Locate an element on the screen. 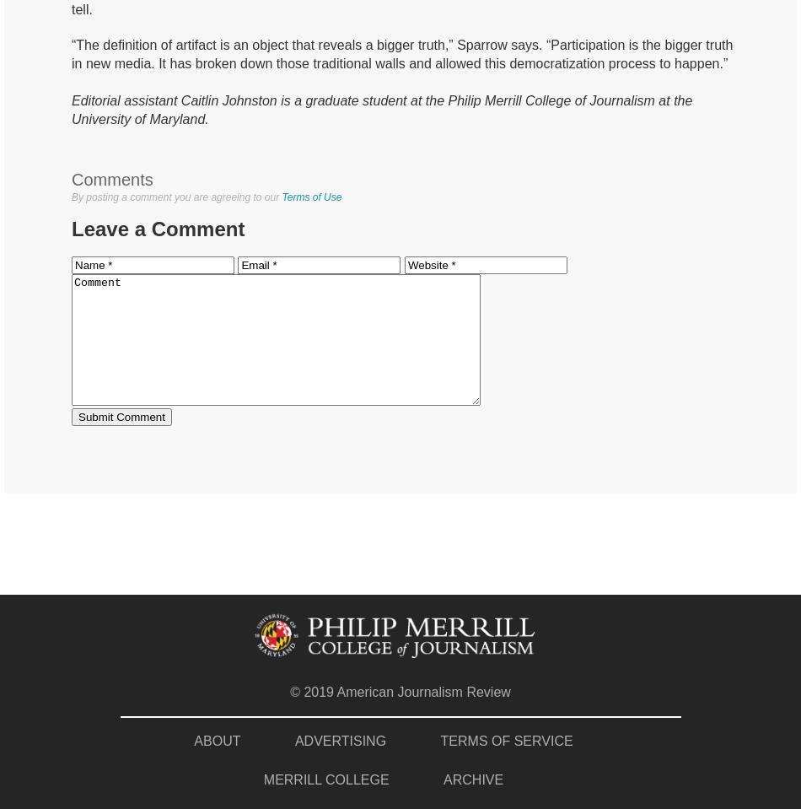  'TERMS OF SERVICE' is located at coordinates (506, 739).